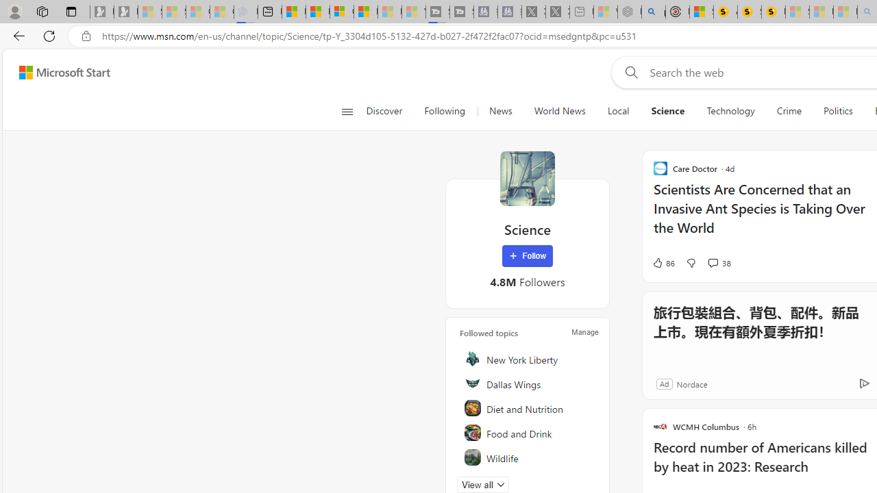 The height and width of the screenshot is (493, 877). Describe the element at coordinates (585, 331) in the screenshot. I see `'Manage'` at that location.